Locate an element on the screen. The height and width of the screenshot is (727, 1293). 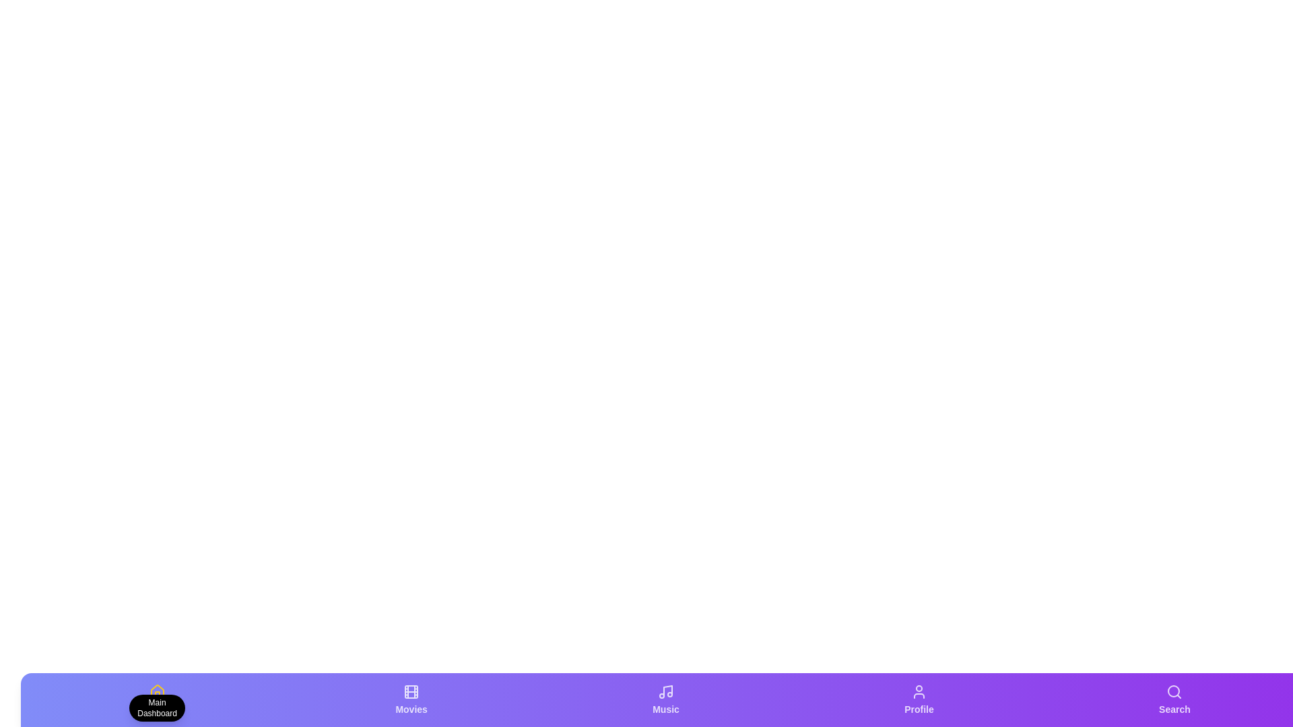
the tab labeled 'Profile' to view its description tooltip is located at coordinates (918, 699).